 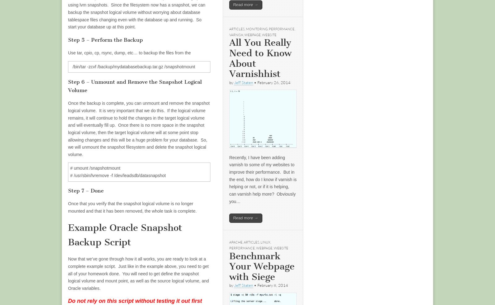 What do you see at coordinates (138, 273) in the screenshot?
I see `'Now that we’ve gone through how it all works, you are ready to look at a complete example script.  Just like in the example above, you need to get all of your homework done.  You will need to get define the snapshot logical volume and mount point, as well as the source logical volume, and Oracle variables.'` at bounding box center [138, 273].